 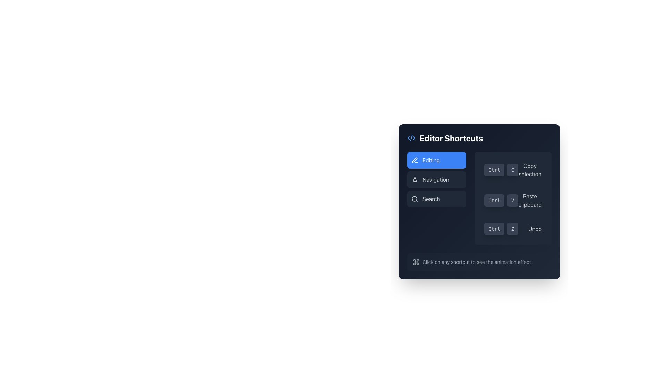 What do you see at coordinates (436, 160) in the screenshot?
I see `the topmost button labeled 'Editing' in the sidebar` at bounding box center [436, 160].